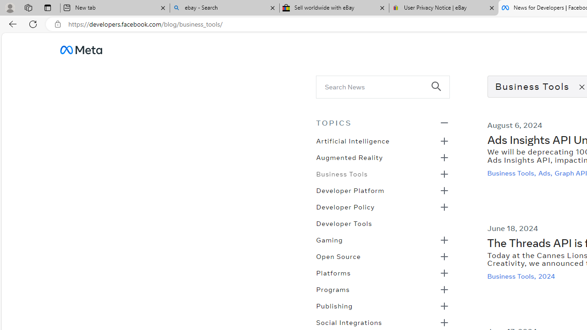 The height and width of the screenshot is (330, 587). Describe the element at coordinates (11, 23) in the screenshot. I see `'Back'` at that location.